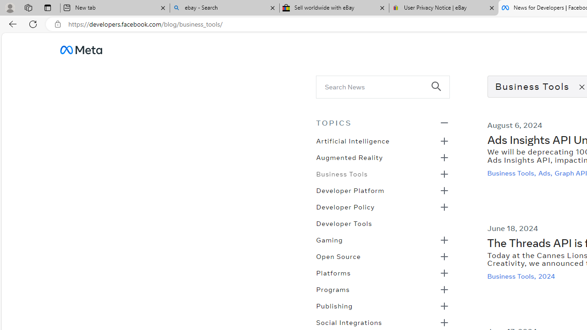 The height and width of the screenshot is (330, 587). Describe the element at coordinates (11, 23) in the screenshot. I see `'Back'` at that location.